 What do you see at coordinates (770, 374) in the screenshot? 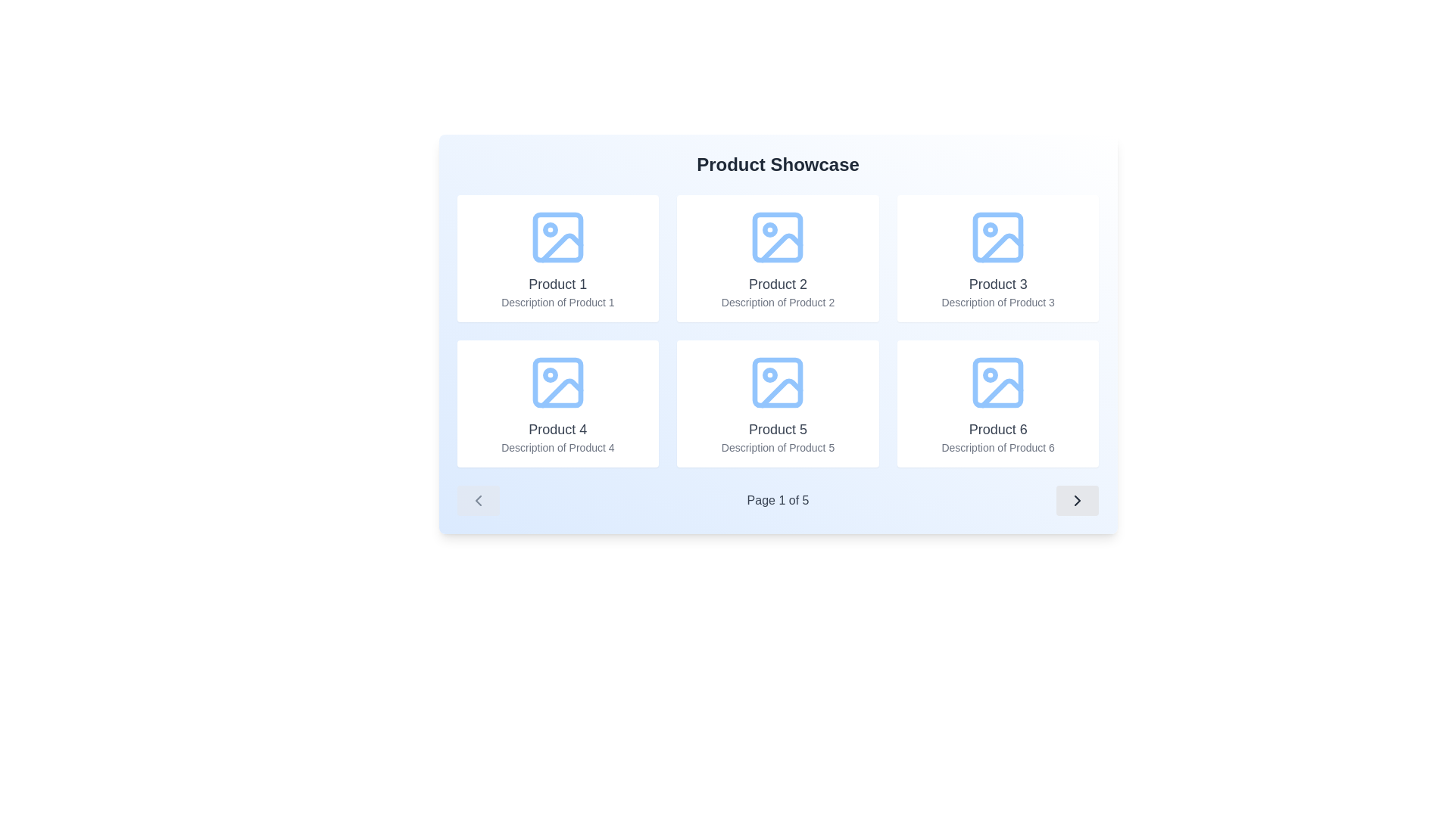
I see `the graphical marker inside the fifth image icon in the 2x3 grid layout, located in the center of the second row and third column, which signifies selection or notification for Product 5` at bounding box center [770, 374].